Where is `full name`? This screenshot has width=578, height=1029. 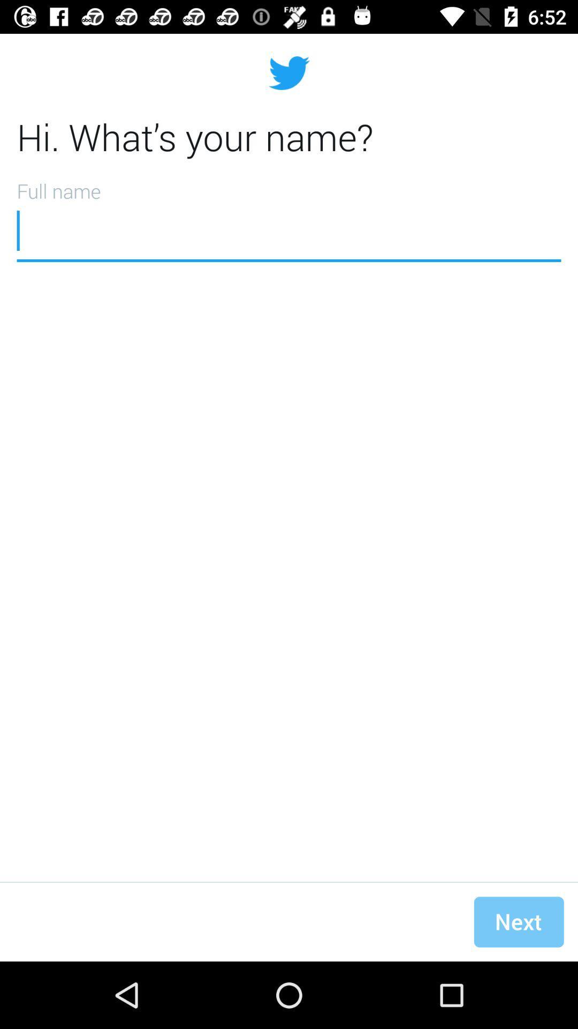 full name is located at coordinates (289, 217).